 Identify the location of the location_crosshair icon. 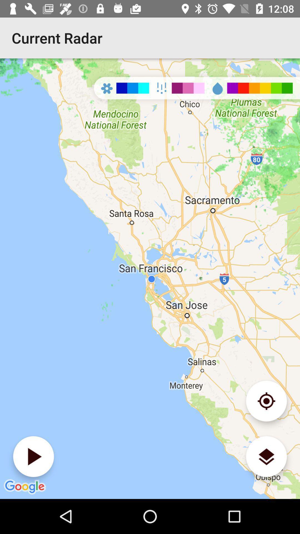
(266, 401).